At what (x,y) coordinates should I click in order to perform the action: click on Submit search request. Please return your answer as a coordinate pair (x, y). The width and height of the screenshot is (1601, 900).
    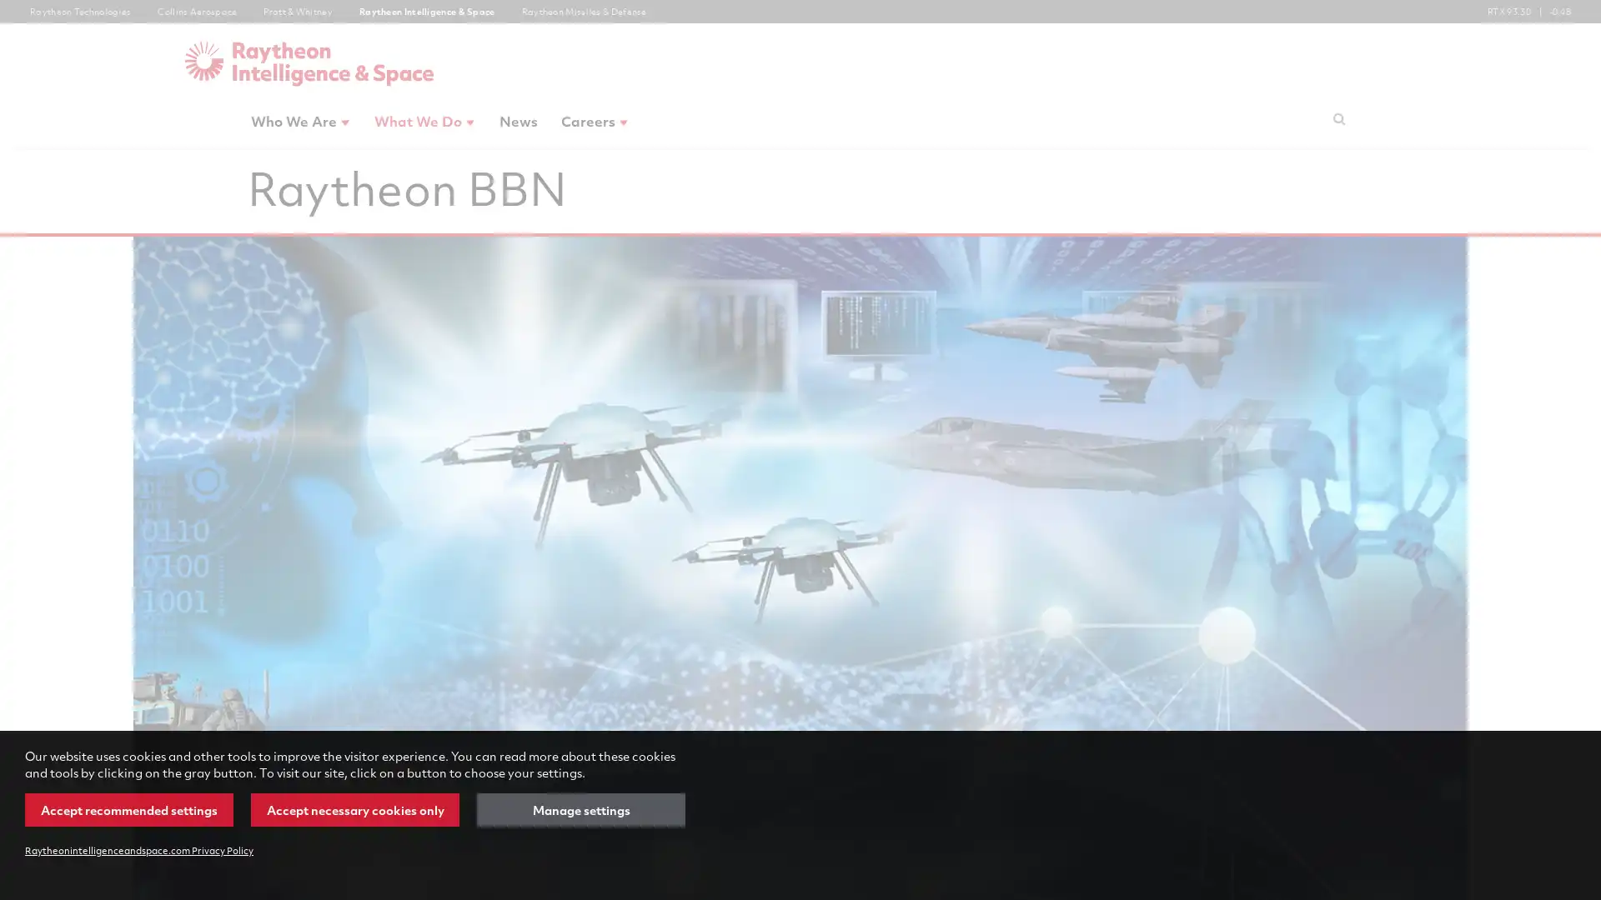
    Looking at the image, I should click on (1339, 117).